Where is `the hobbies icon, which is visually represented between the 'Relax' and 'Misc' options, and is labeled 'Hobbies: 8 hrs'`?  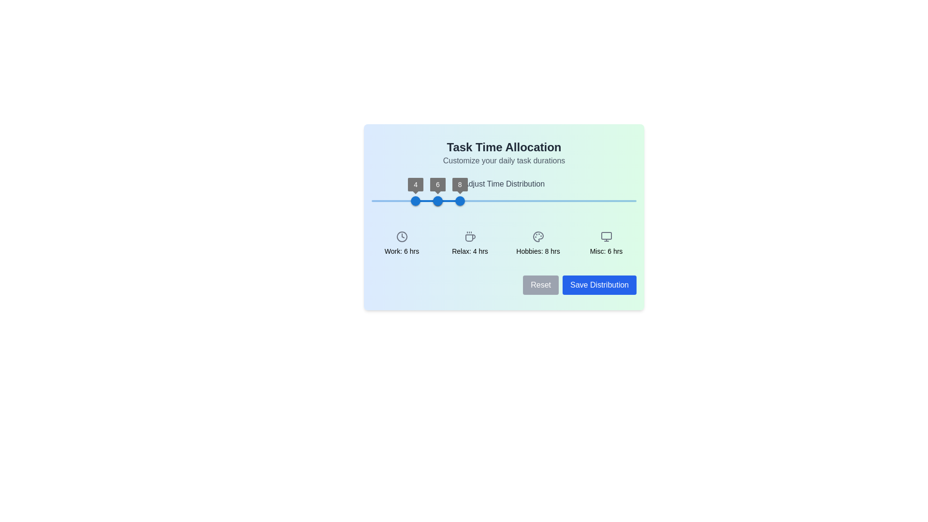 the hobbies icon, which is visually represented between the 'Relax' and 'Misc' options, and is labeled 'Hobbies: 8 hrs' is located at coordinates (537, 236).